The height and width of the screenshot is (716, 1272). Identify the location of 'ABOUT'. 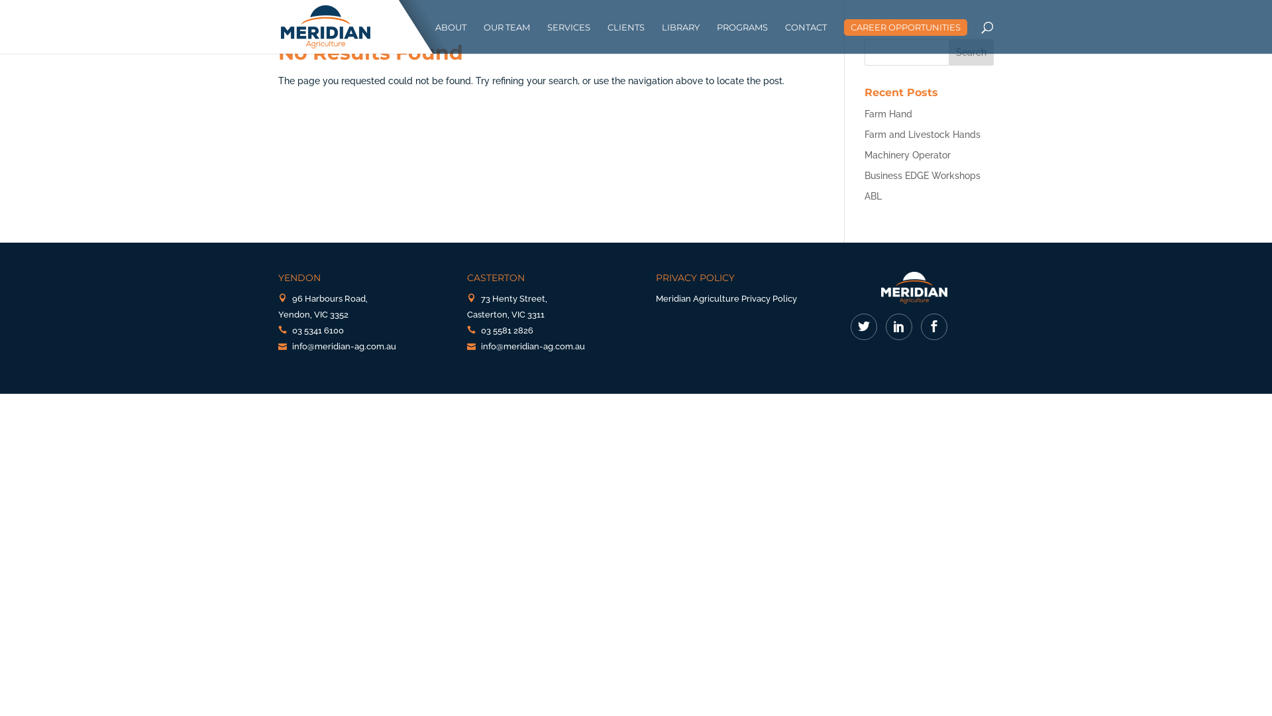
(450, 37).